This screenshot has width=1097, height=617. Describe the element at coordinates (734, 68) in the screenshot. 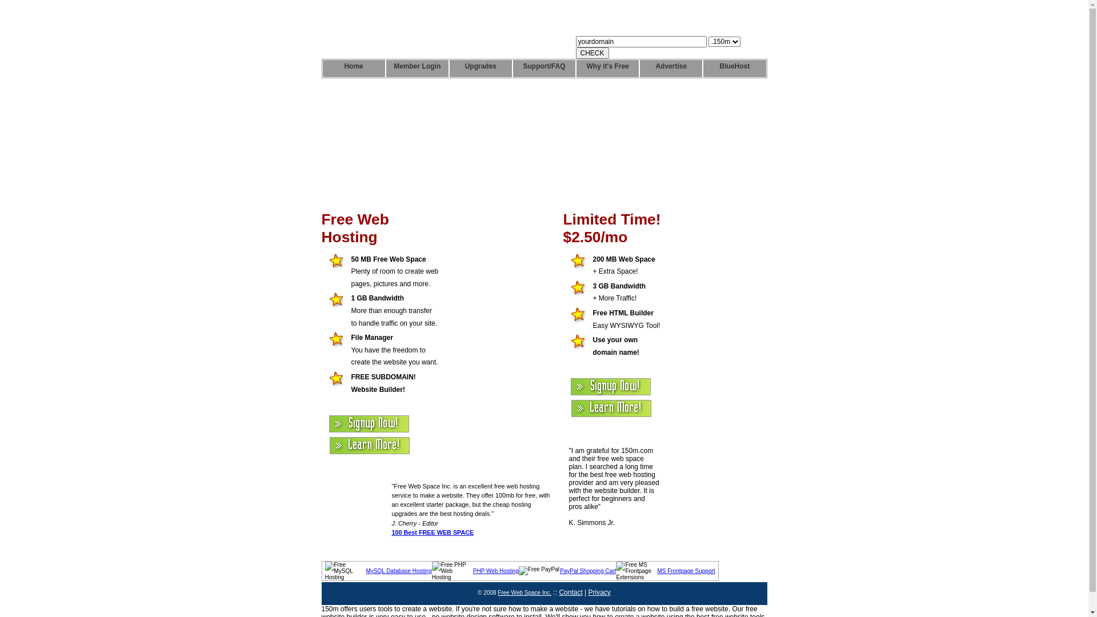

I see `'BlueHost'` at that location.